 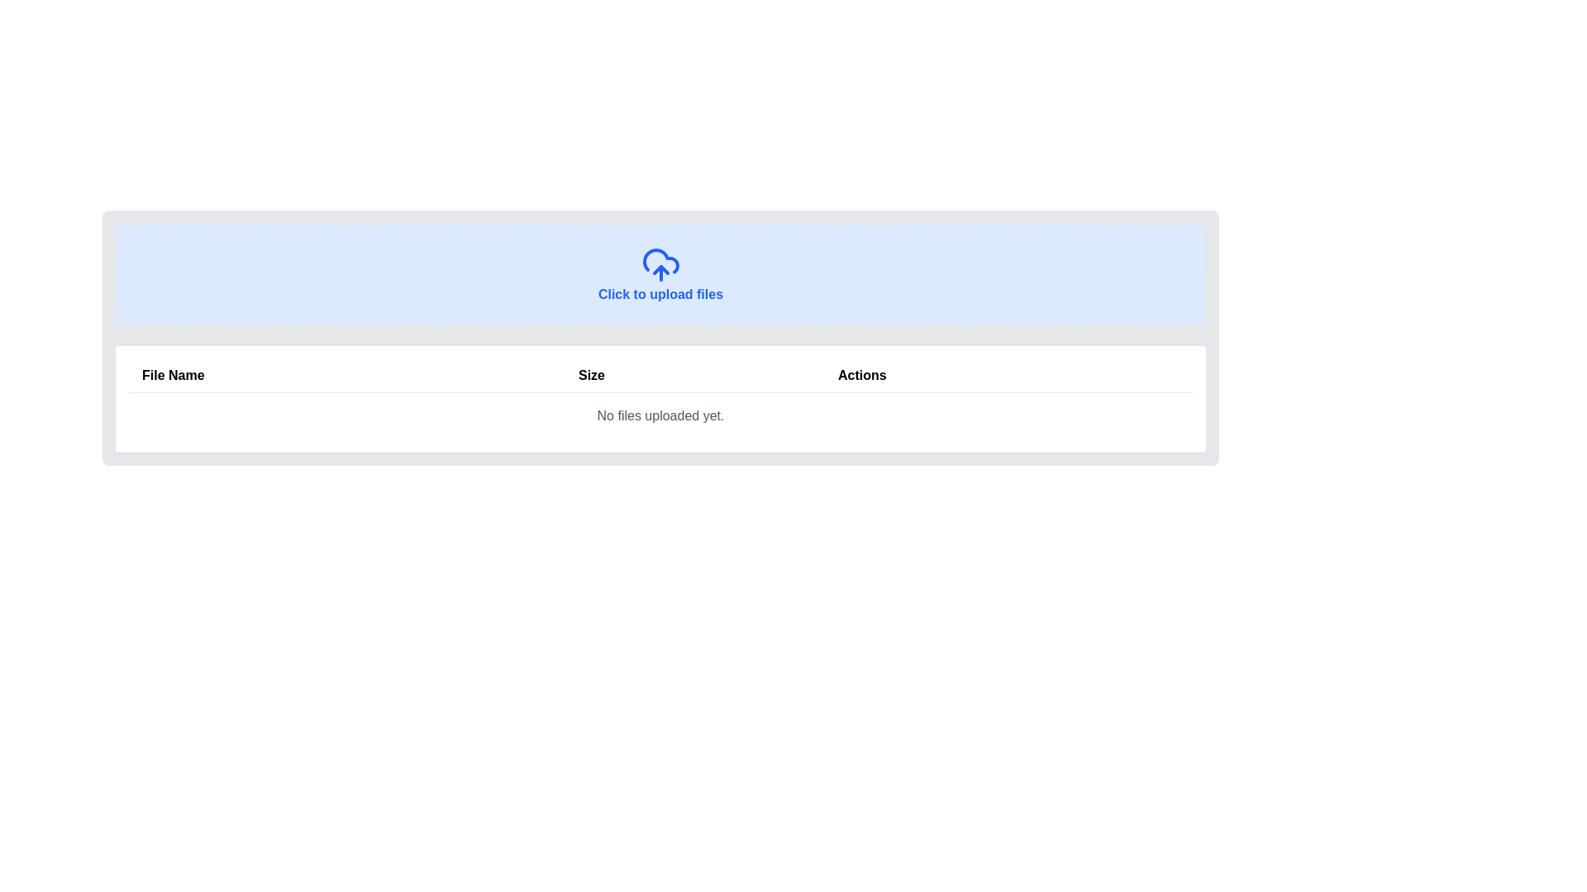 I want to click on the upload icon located in the upper half of the interface, directly above the text 'Click to upload files', to initiate the upload process, so click(x=660, y=263).